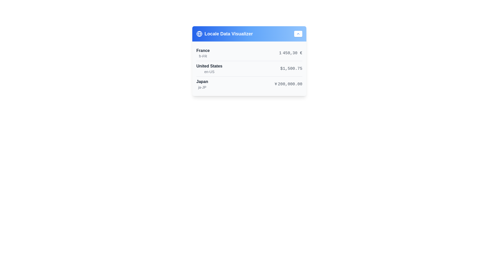 The height and width of the screenshot is (275, 489). I want to click on the static text label indicating the locale or language setting, located in the third row of the table below the 'United States' text, so click(209, 72).